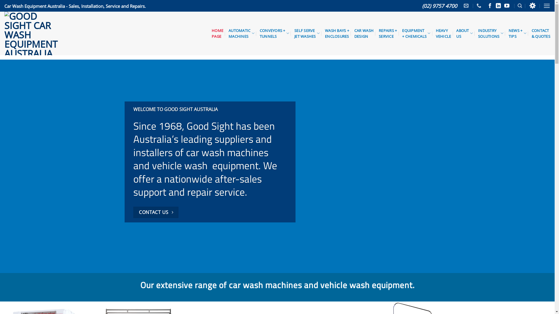 This screenshot has width=559, height=314. I want to click on 'HOME, so click(217, 33).